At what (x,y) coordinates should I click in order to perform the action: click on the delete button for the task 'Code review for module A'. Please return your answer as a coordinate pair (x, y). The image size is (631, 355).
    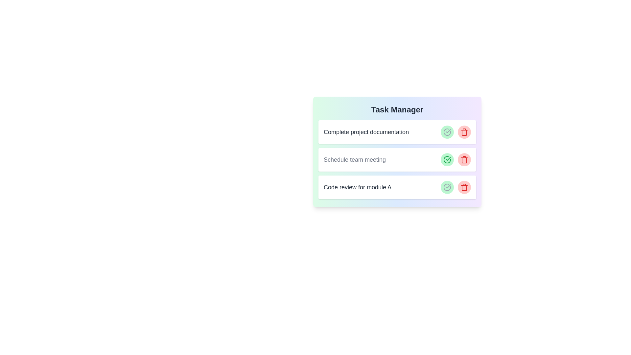
    Looking at the image, I should click on (464, 187).